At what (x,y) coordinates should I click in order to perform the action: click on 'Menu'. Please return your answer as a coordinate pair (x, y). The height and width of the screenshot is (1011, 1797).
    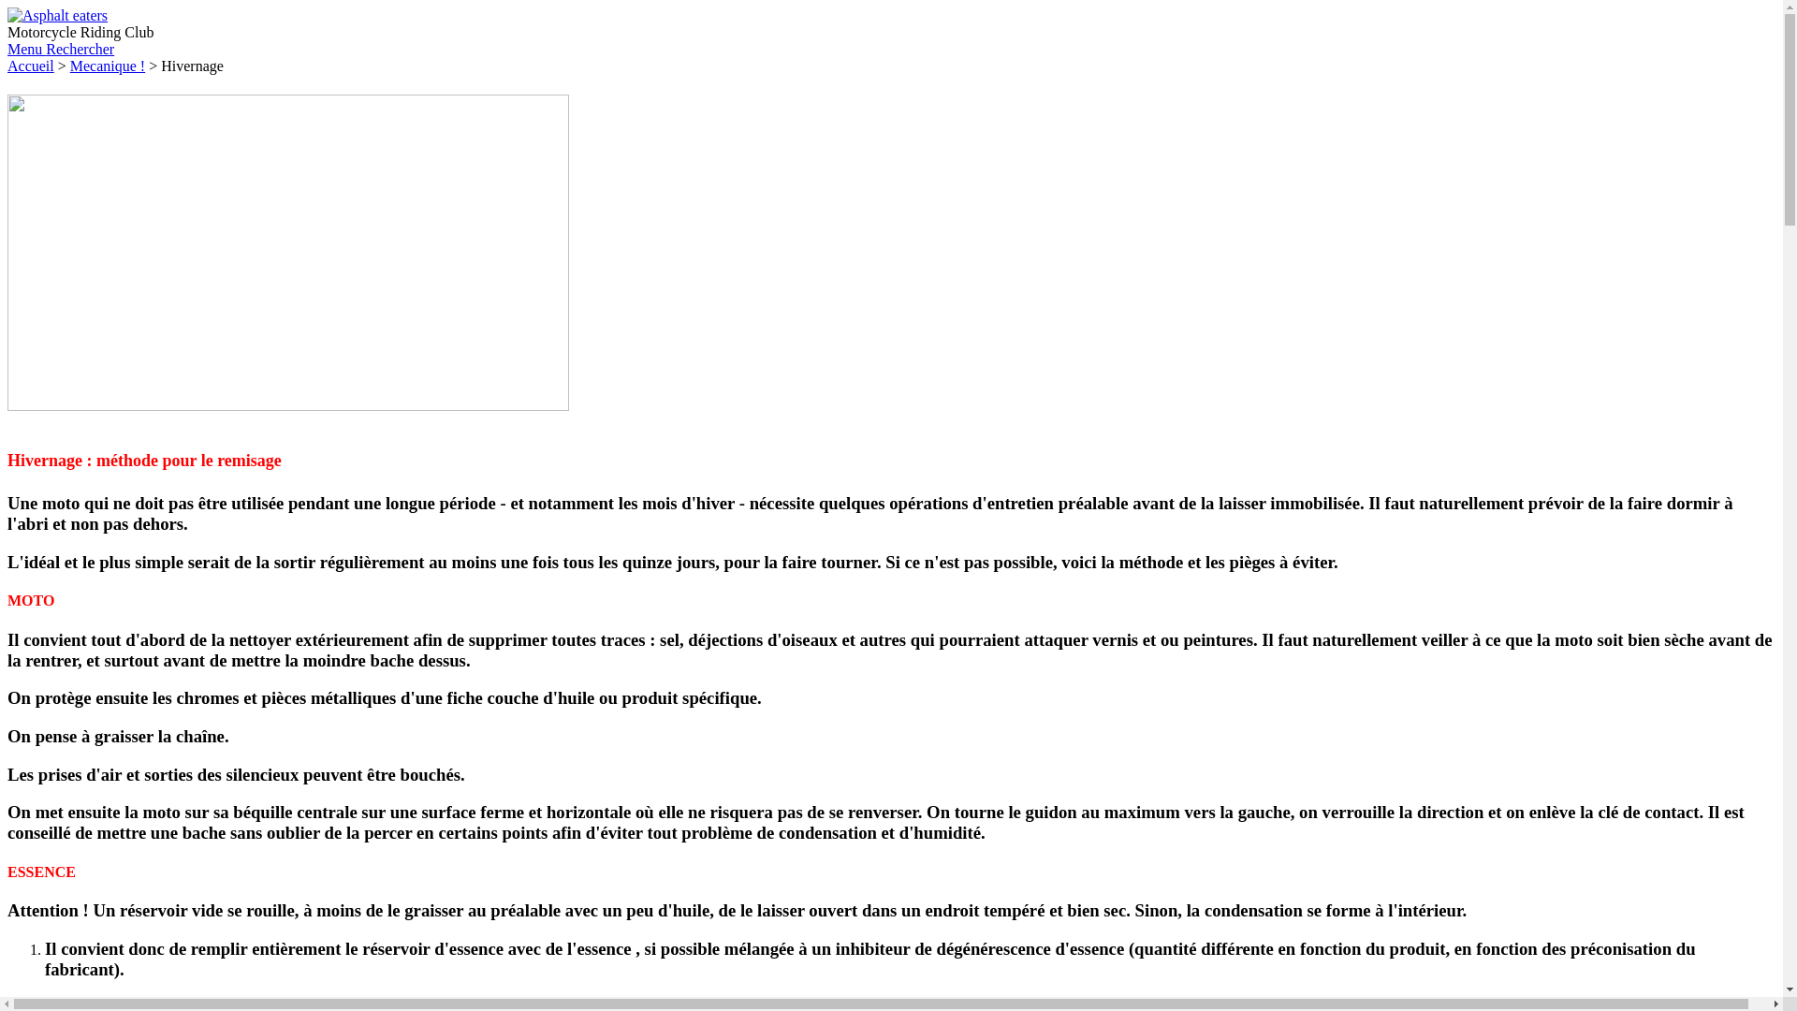
    Looking at the image, I should click on (26, 48).